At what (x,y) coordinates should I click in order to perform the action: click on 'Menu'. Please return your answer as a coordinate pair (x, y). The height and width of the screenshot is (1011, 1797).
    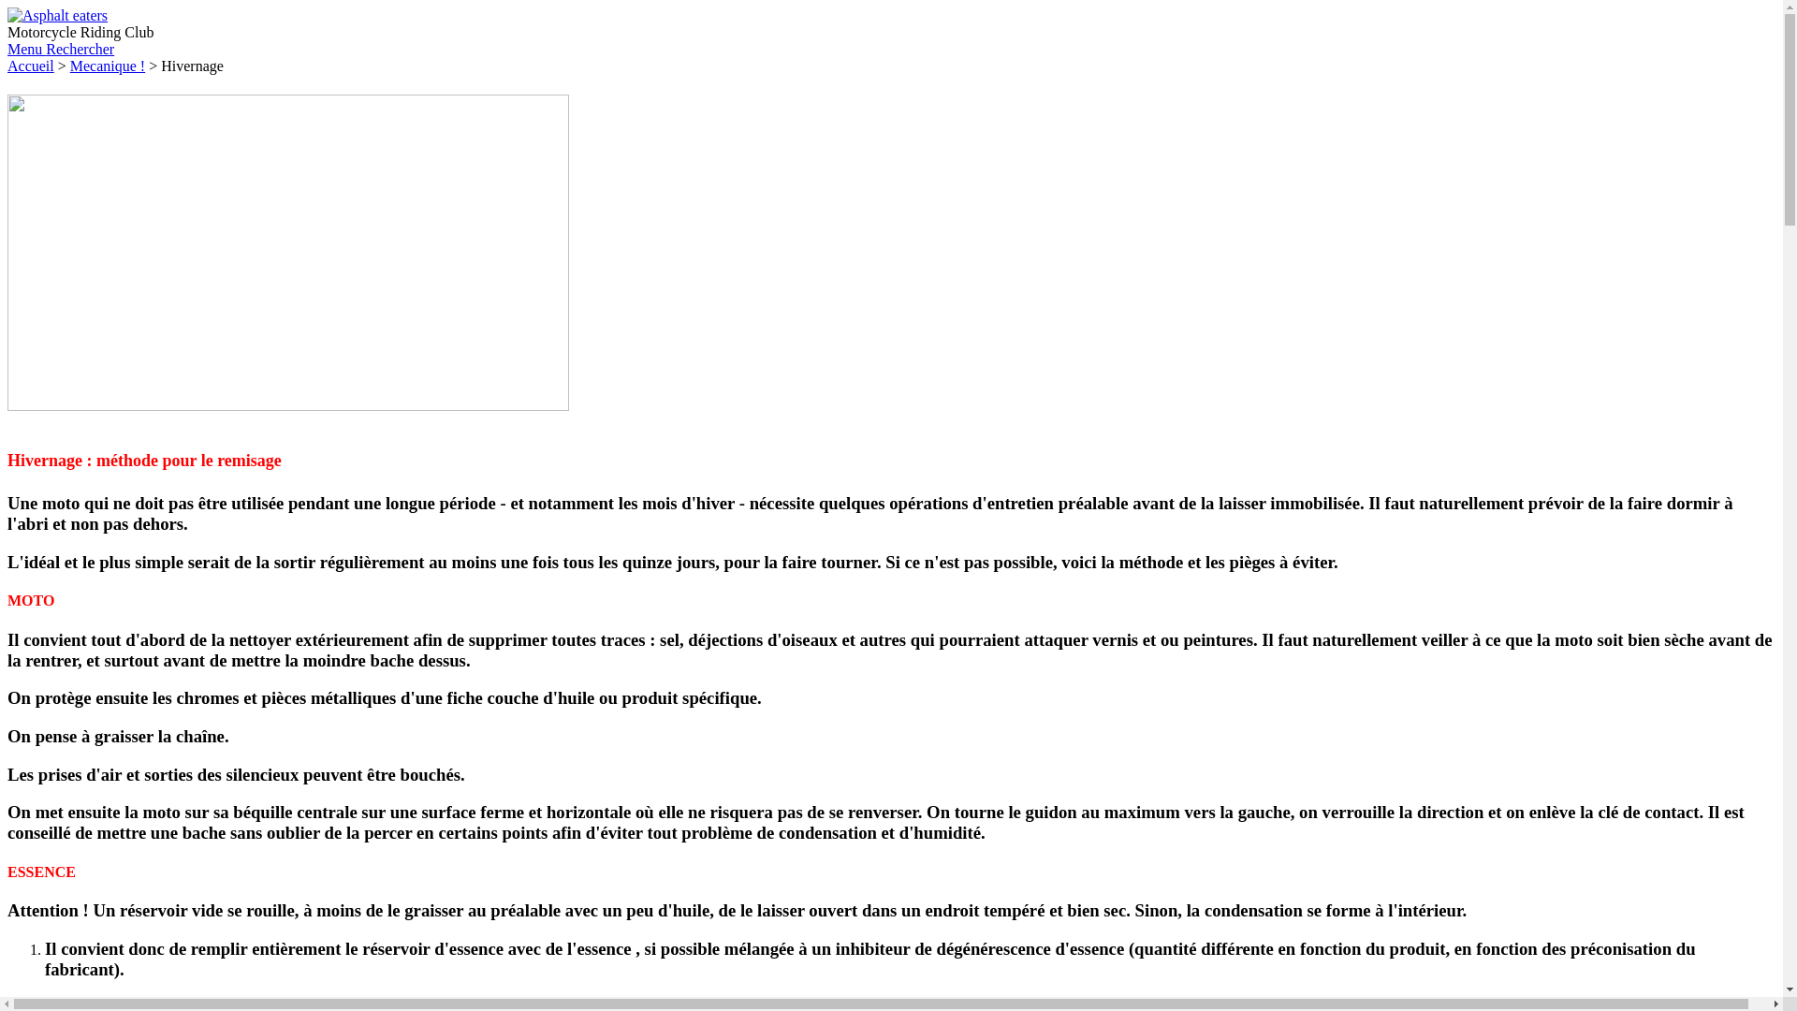
    Looking at the image, I should click on (26, 48).